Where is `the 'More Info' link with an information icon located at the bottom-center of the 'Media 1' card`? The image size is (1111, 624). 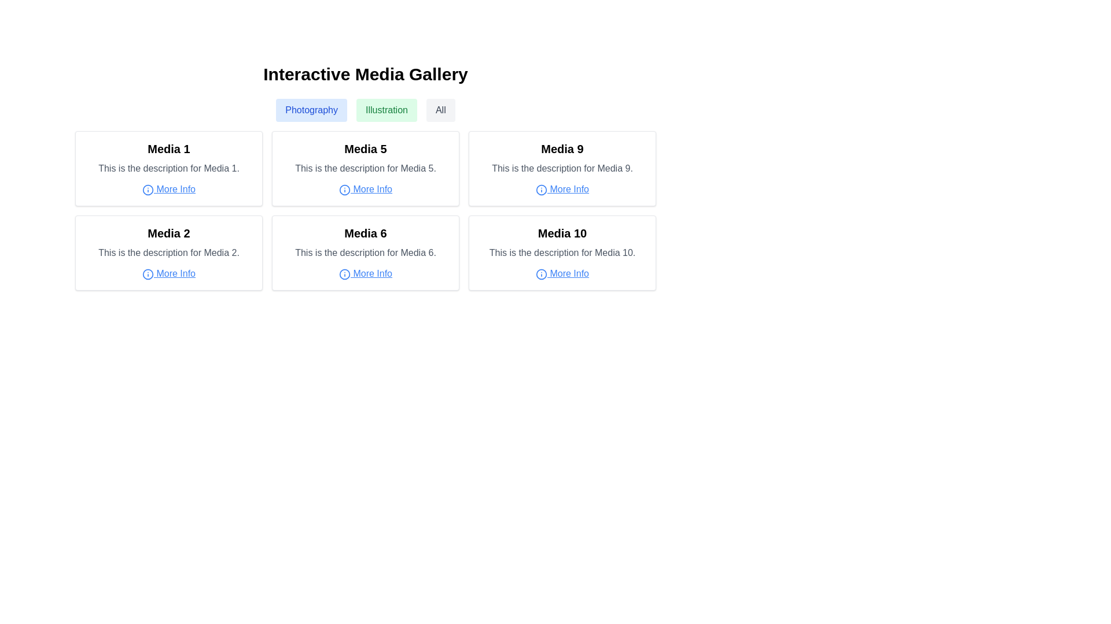
the 'More Info' link with an information icon located at the bottom-center of the 'Media 1' card is located at coordinates (168, 188).